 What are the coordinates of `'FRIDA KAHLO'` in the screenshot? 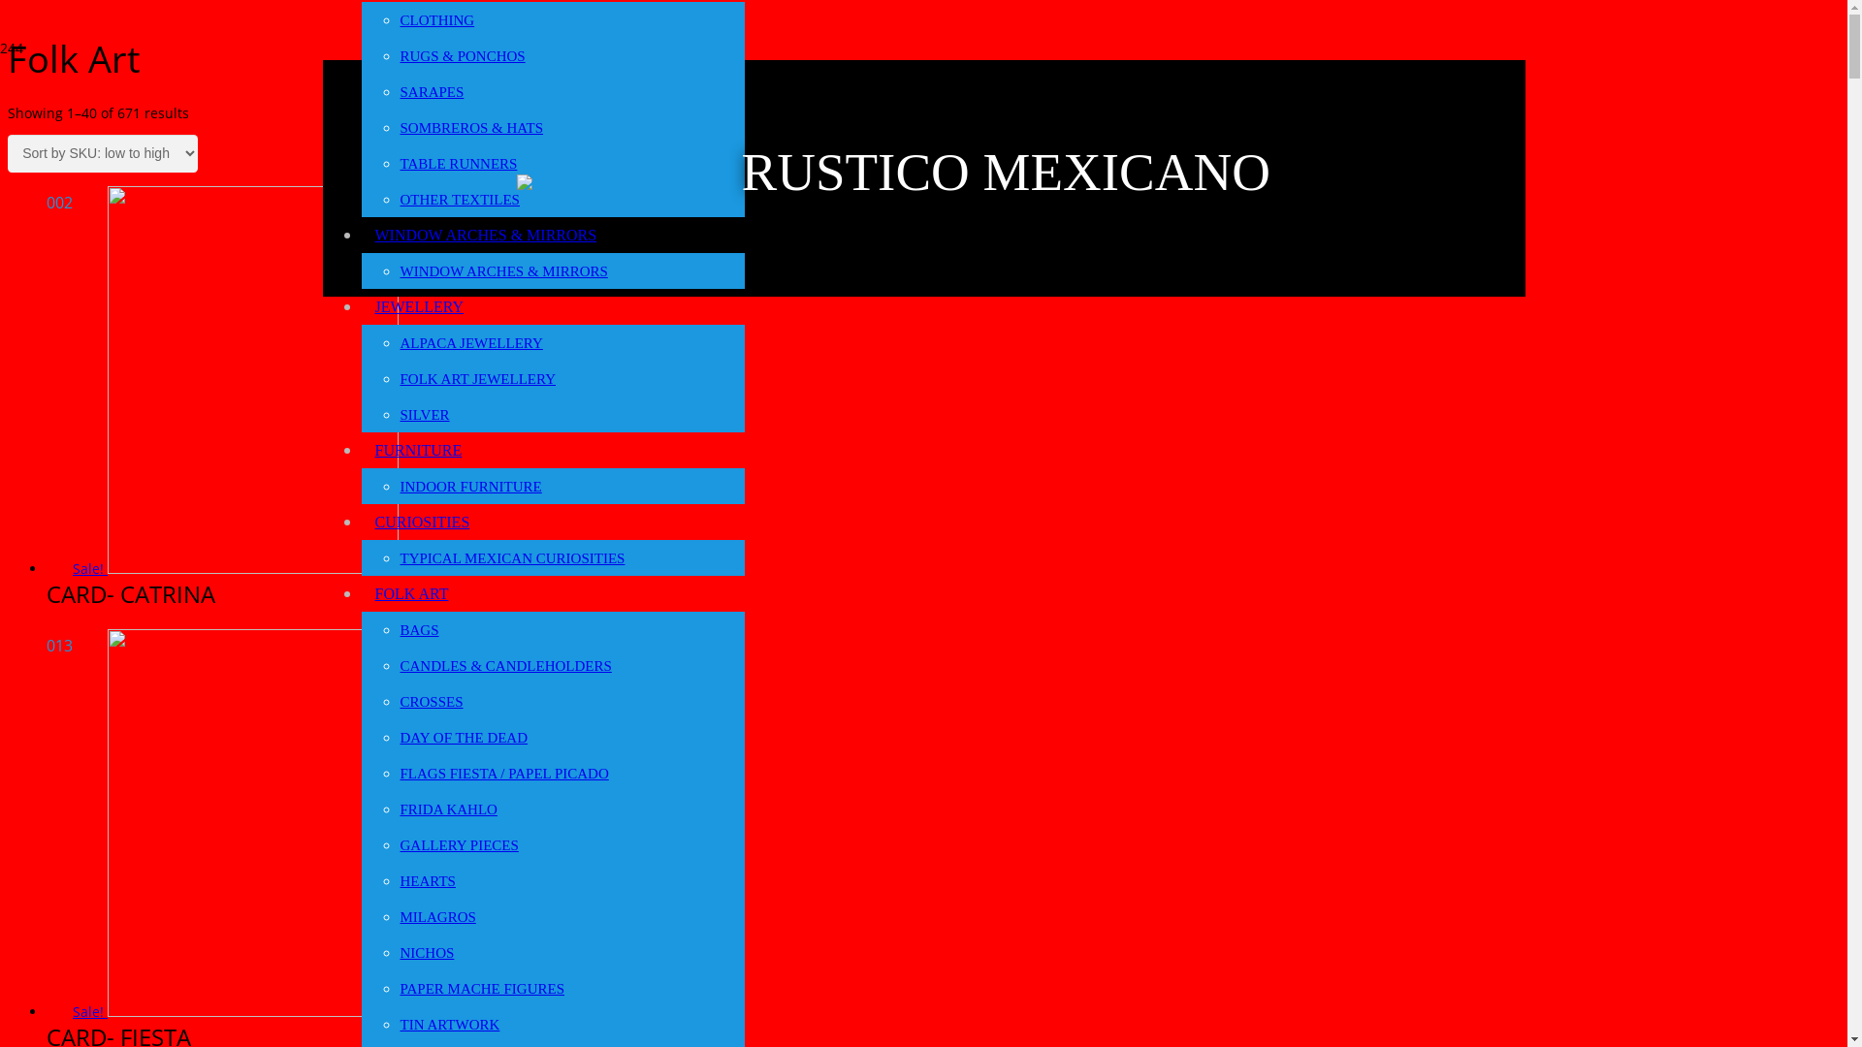 It's located at (446, 809).